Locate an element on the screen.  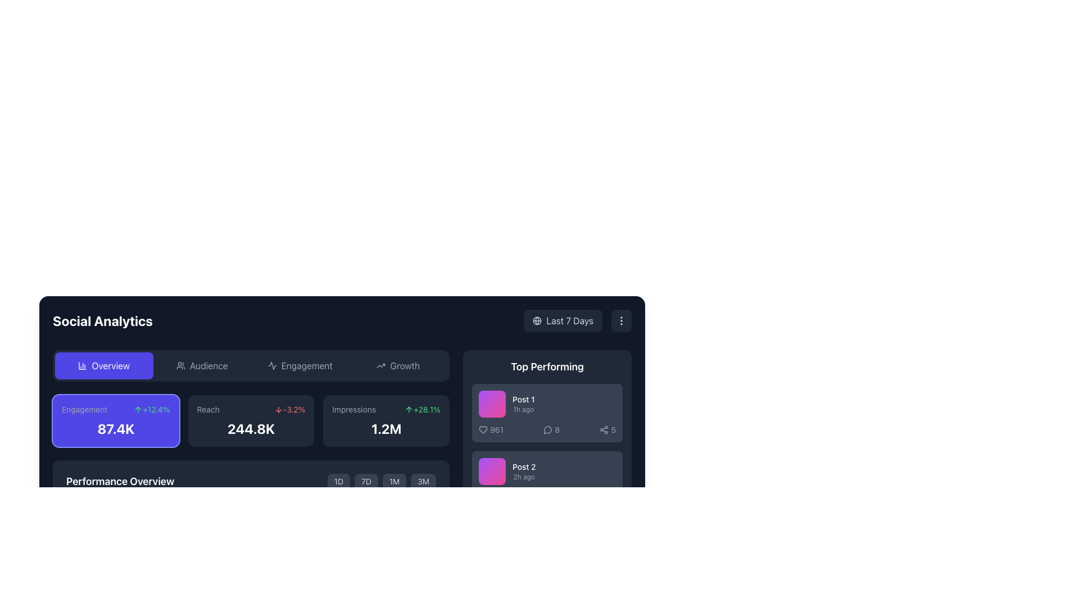
information displayed by the text with the red downward arrow icon indicating a percentage decrease, located in the 'Reach' section is located at coordinates (289, 410).